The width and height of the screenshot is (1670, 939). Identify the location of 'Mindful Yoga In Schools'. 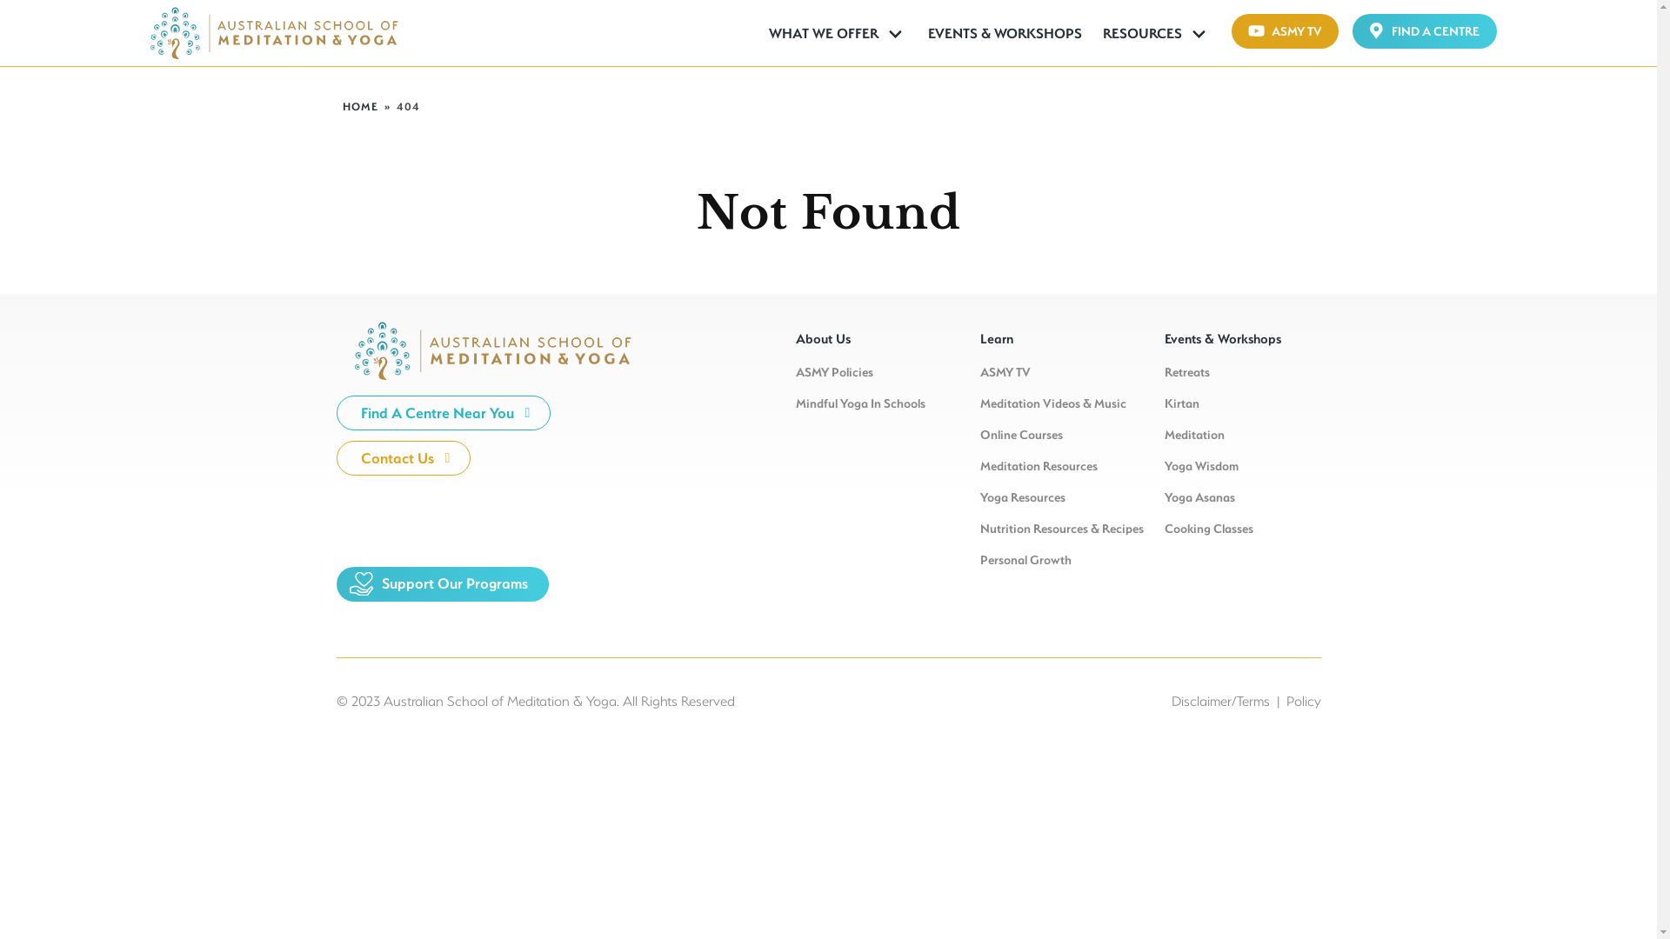
(859, 403).